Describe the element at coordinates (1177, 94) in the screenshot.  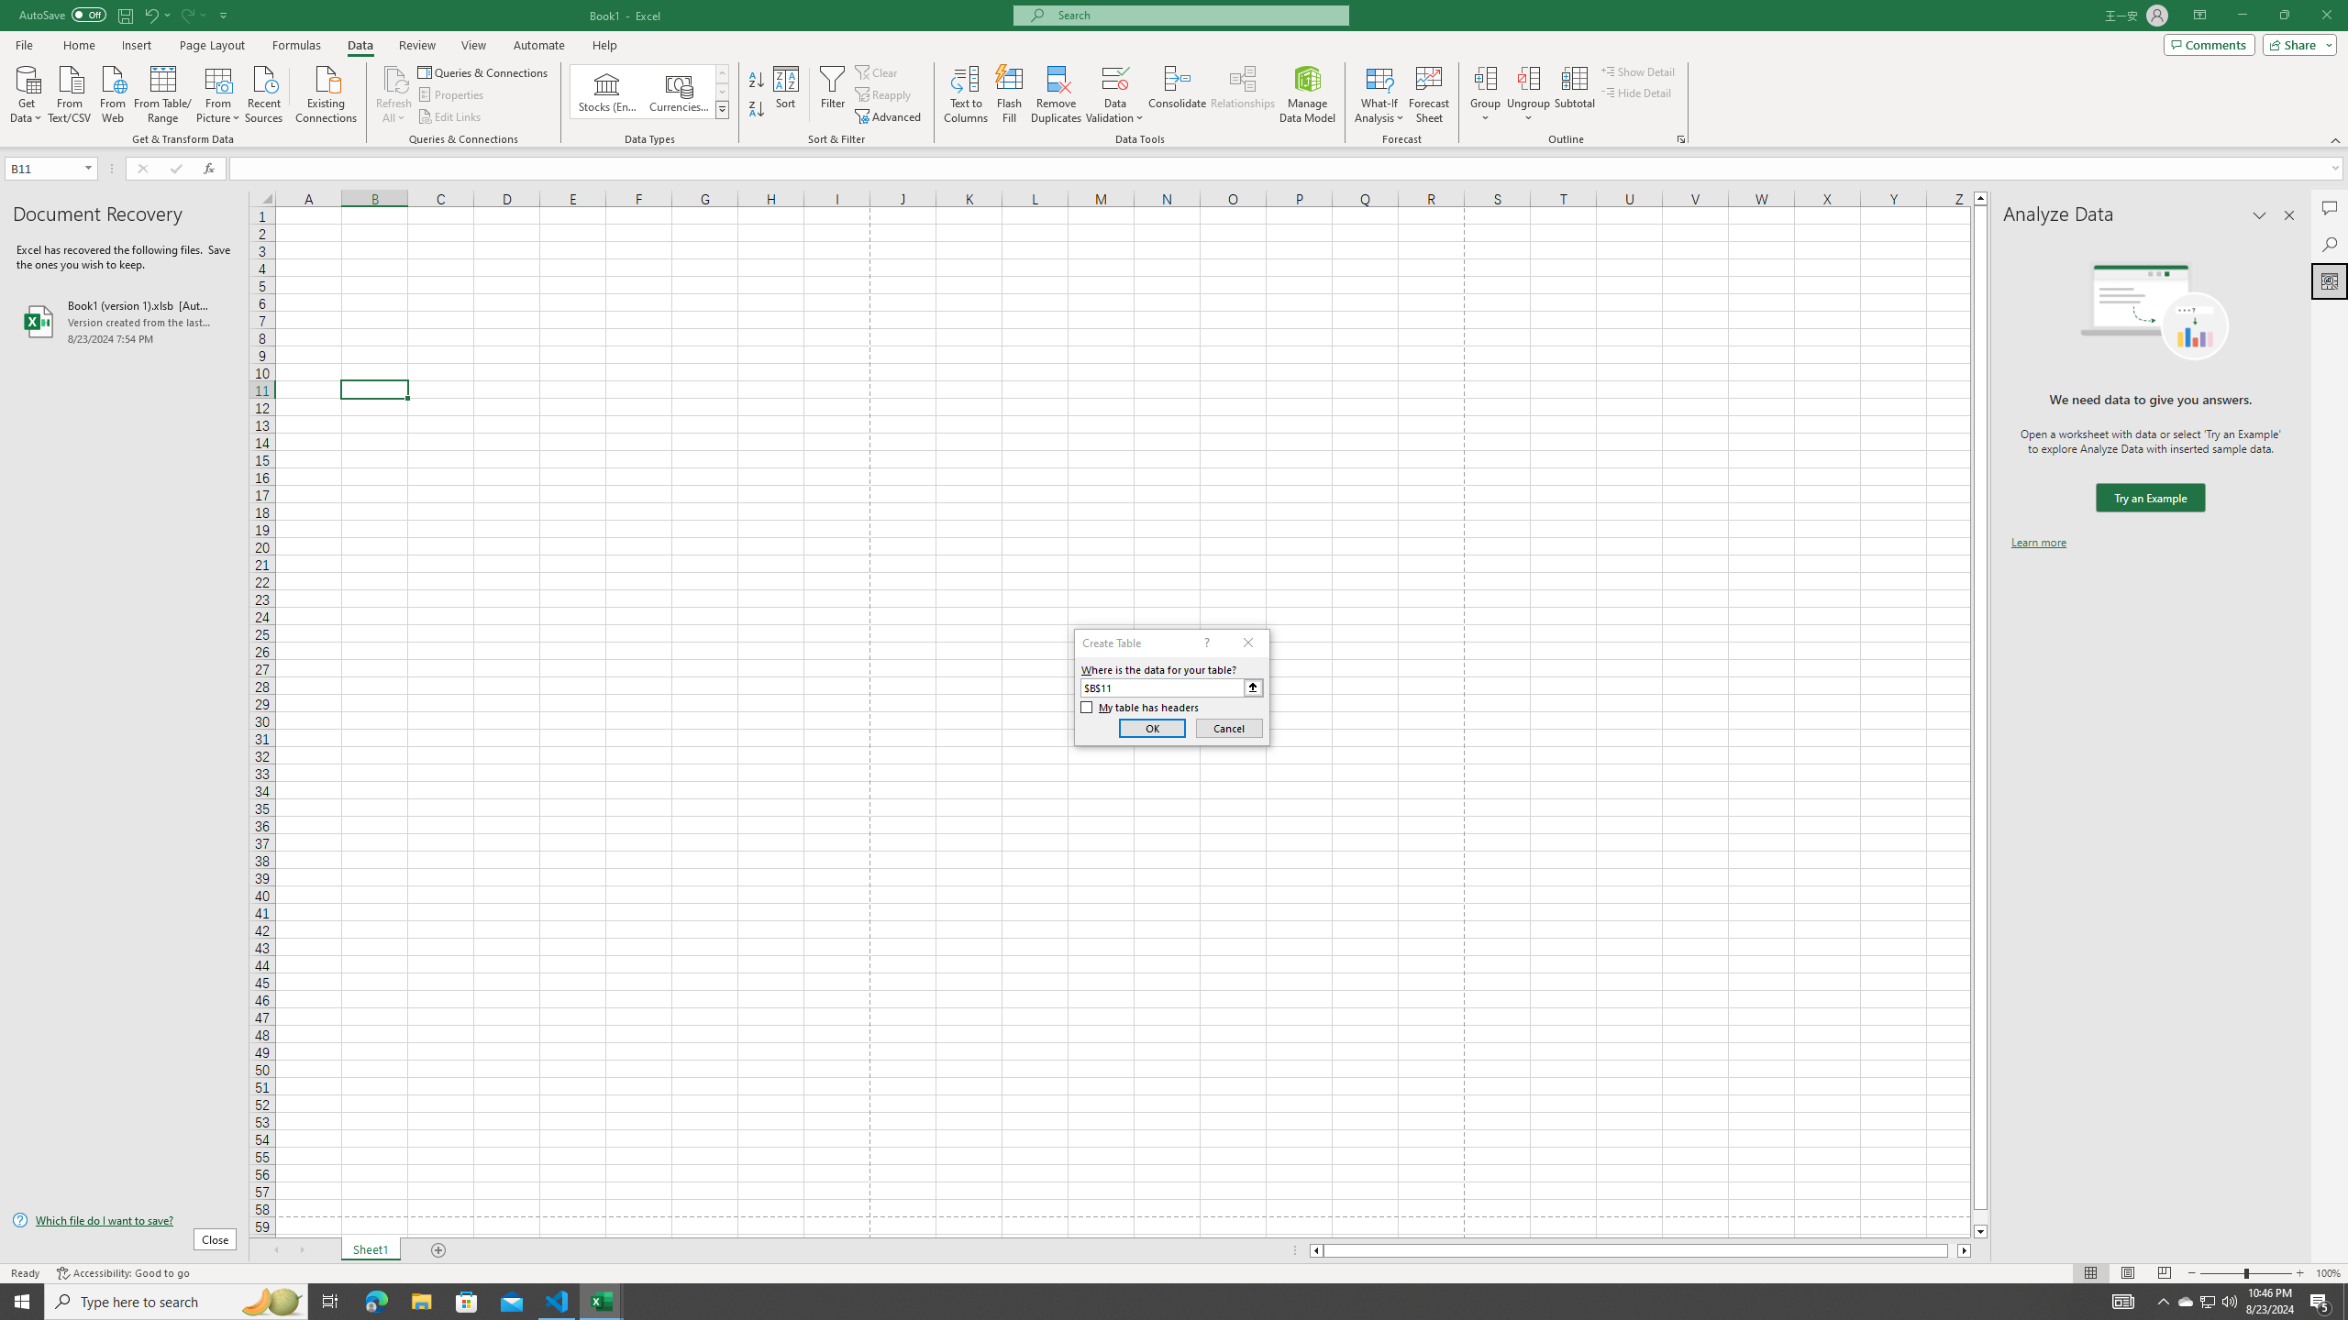
I see `'Consolidate...'` at that location.